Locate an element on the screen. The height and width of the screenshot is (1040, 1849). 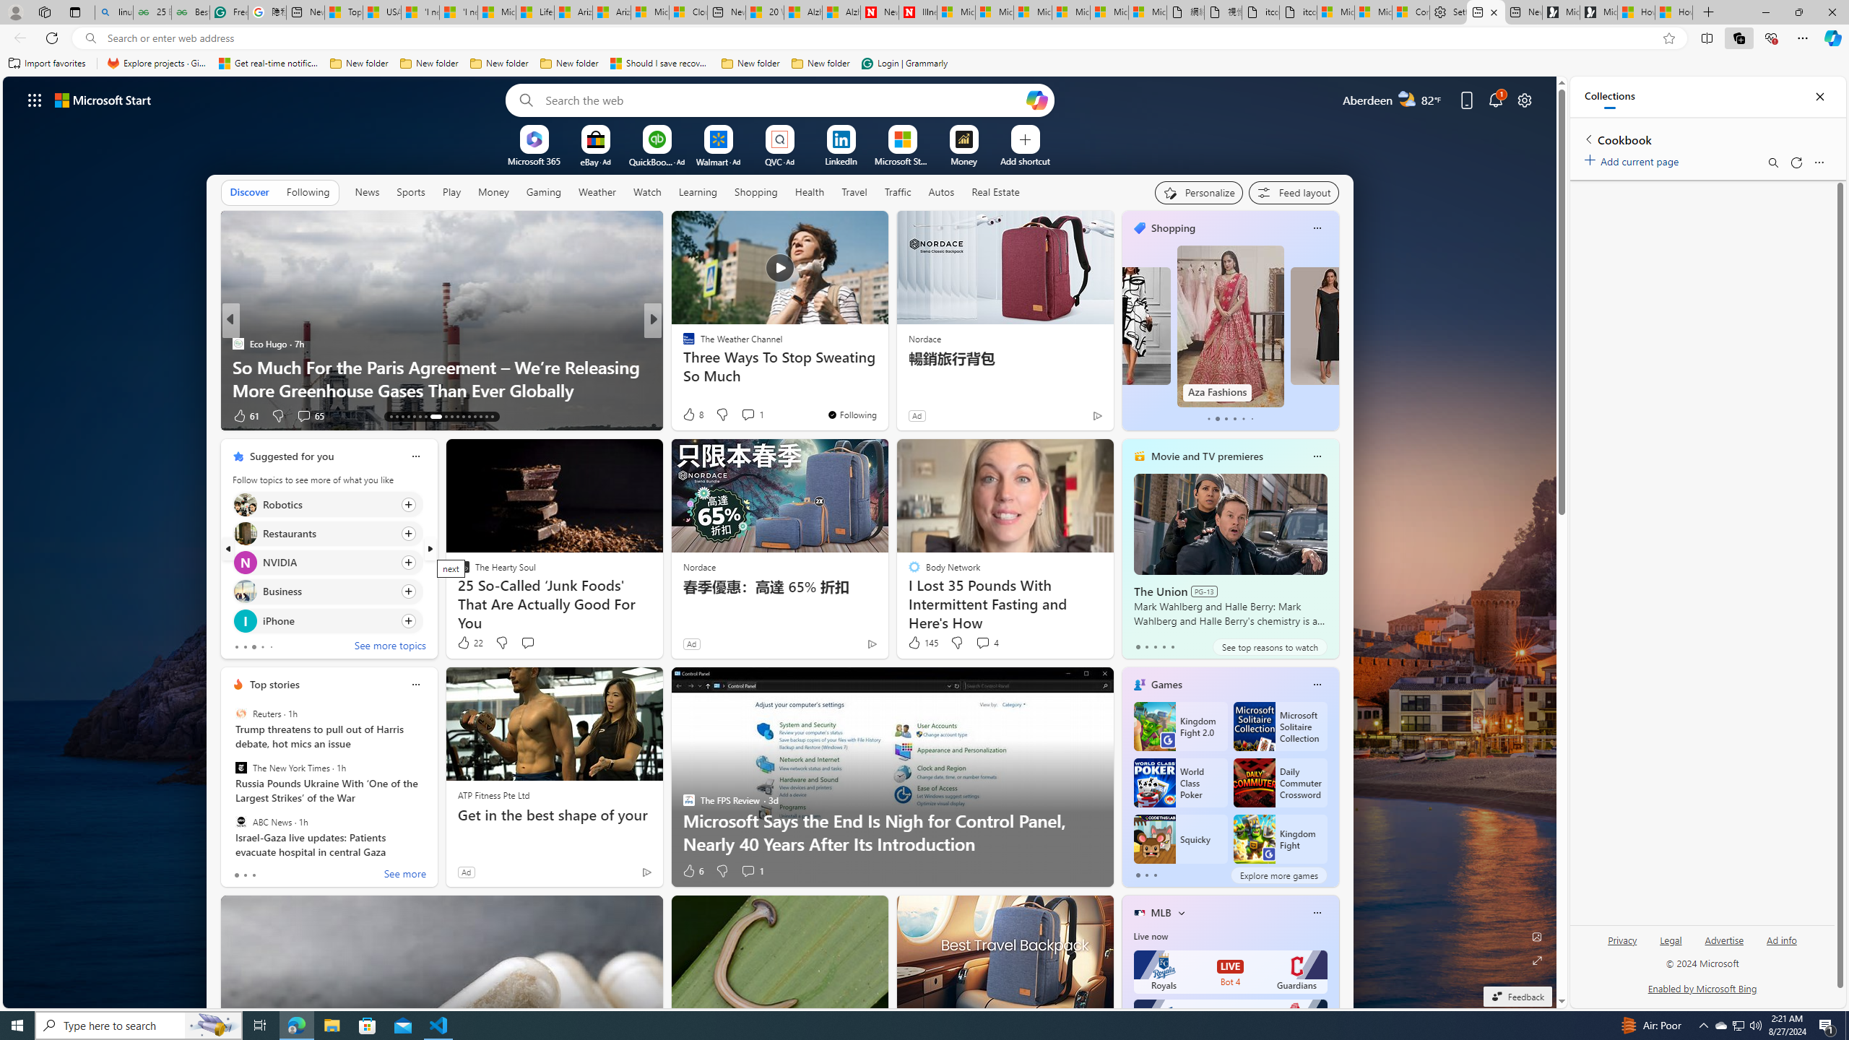
'Click to follow topic Business' is located at coordinates (326, 591).